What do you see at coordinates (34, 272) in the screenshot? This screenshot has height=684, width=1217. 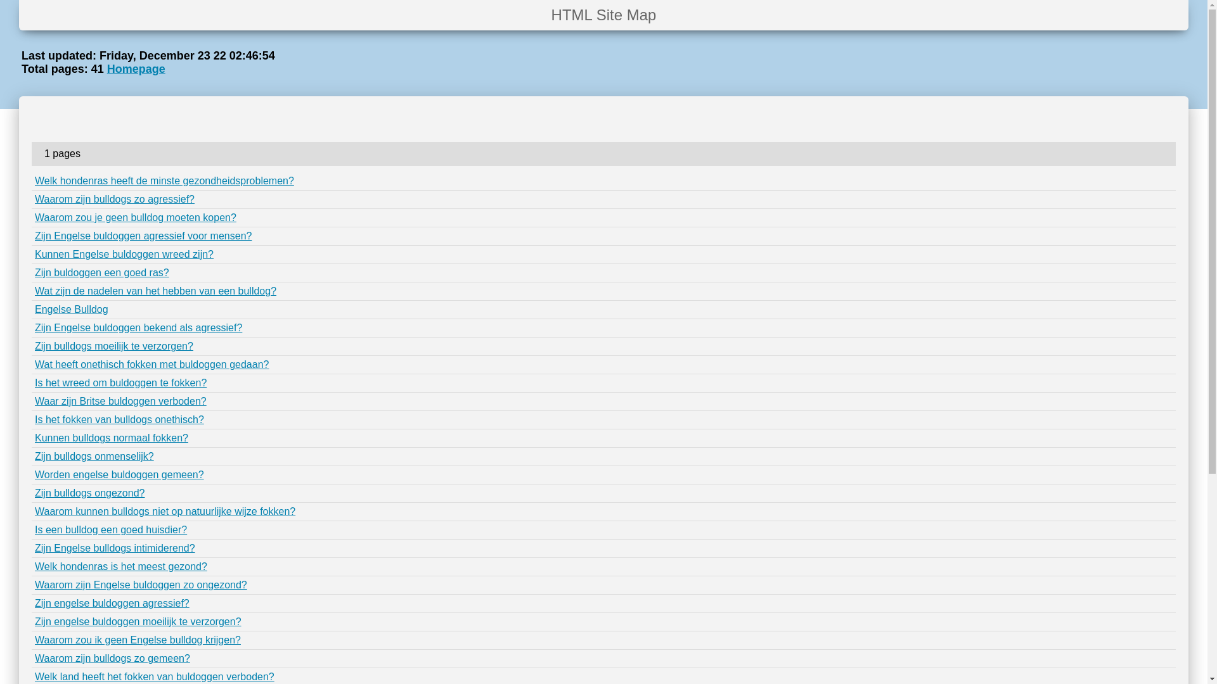 I see `'Zijn buldoggen een goed ras?'` at bounding box center [34, 272].